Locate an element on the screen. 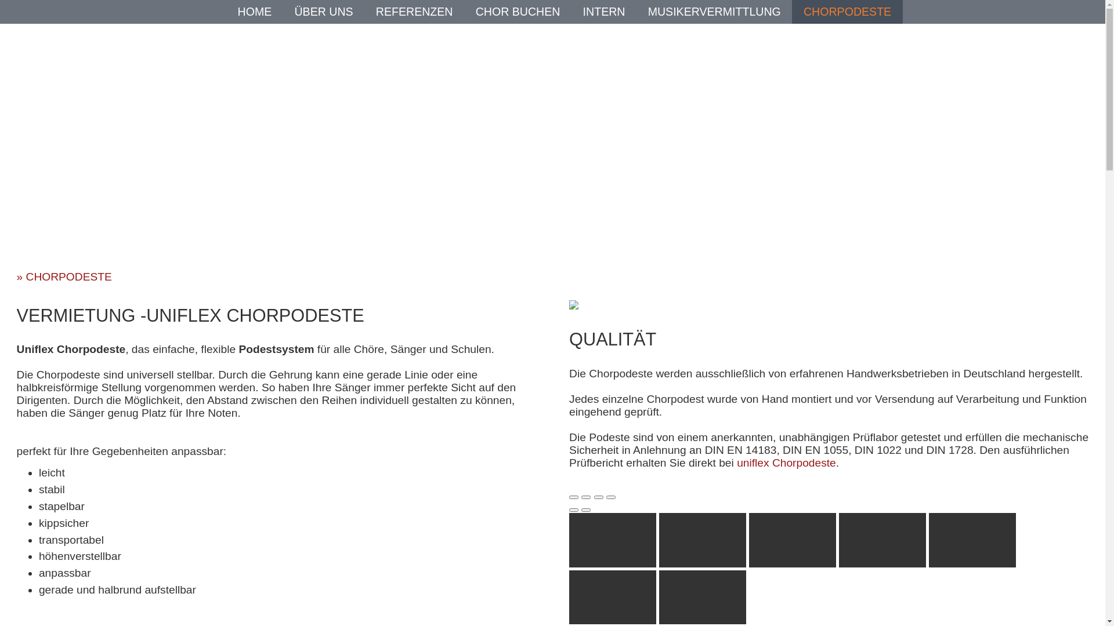 This screenshot has width=1114, height=626. 'INTERN' is located at coordinates (583, 11).